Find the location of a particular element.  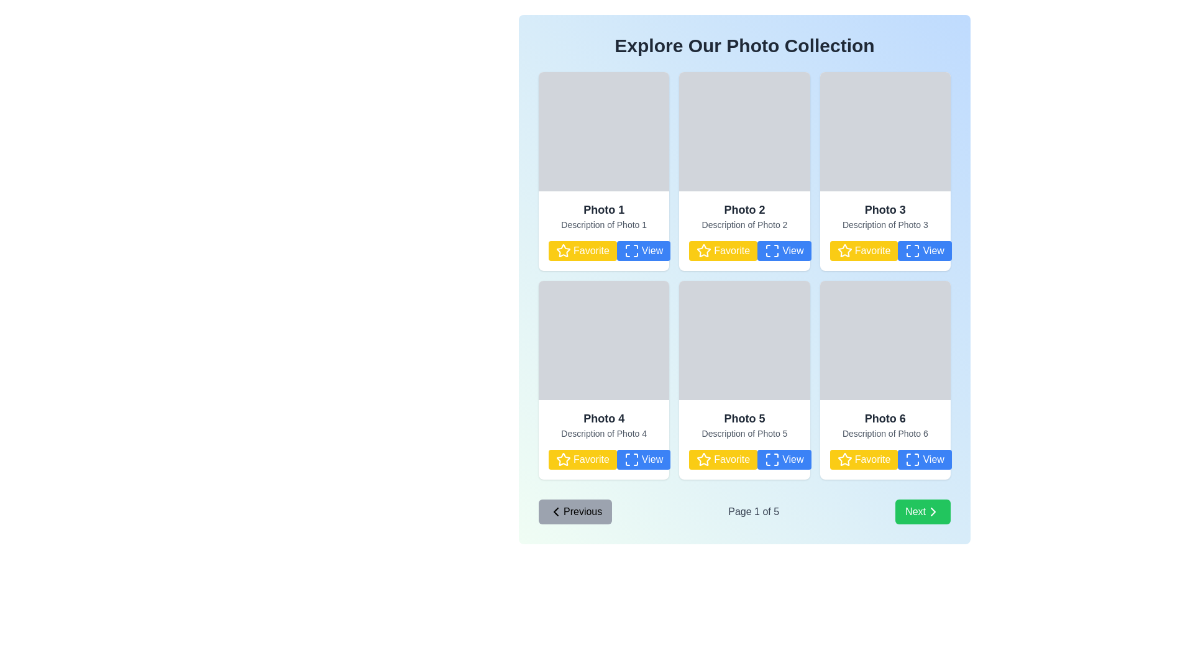

the view icon located within the blue 'View' button of the Photo 5 card in the second row under the 'Explore Our Photo Collection' header is located at coordinates (772, 460).